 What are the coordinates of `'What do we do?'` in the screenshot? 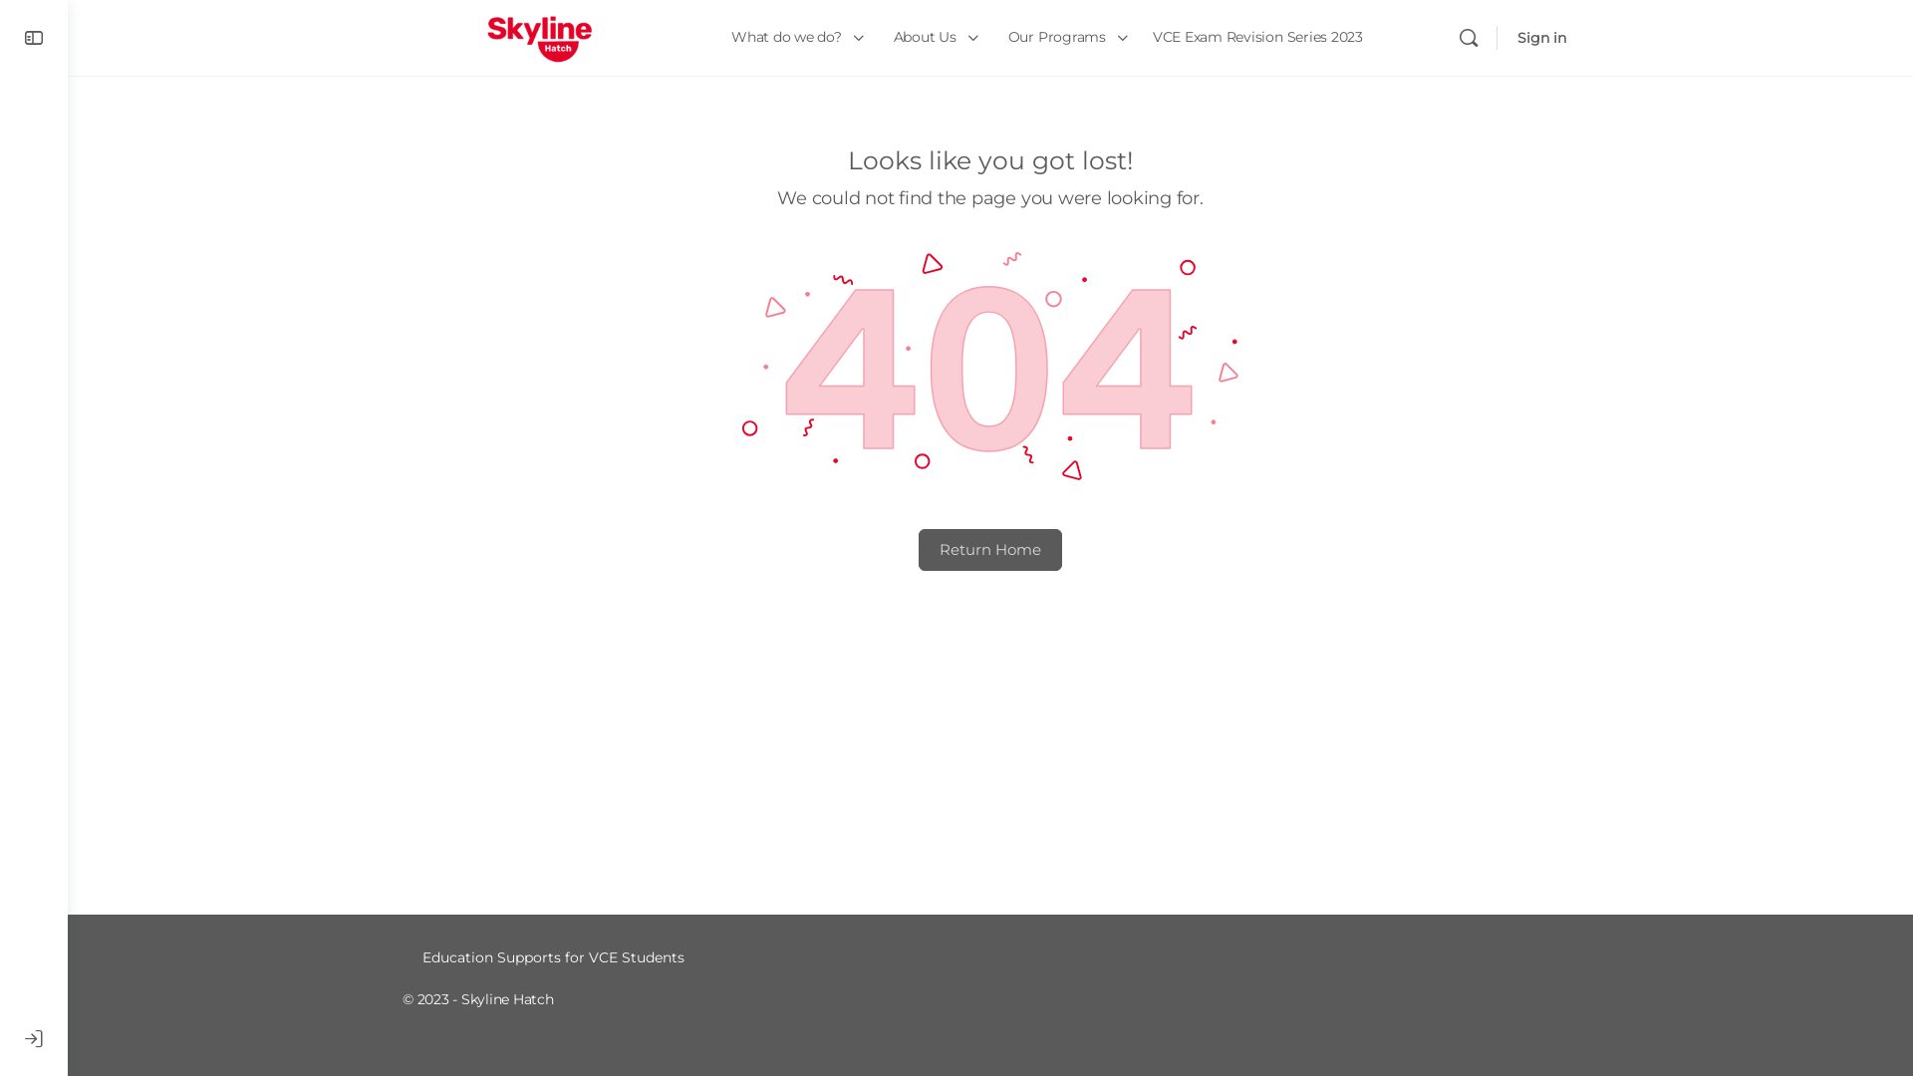 It's located at (720, 38).